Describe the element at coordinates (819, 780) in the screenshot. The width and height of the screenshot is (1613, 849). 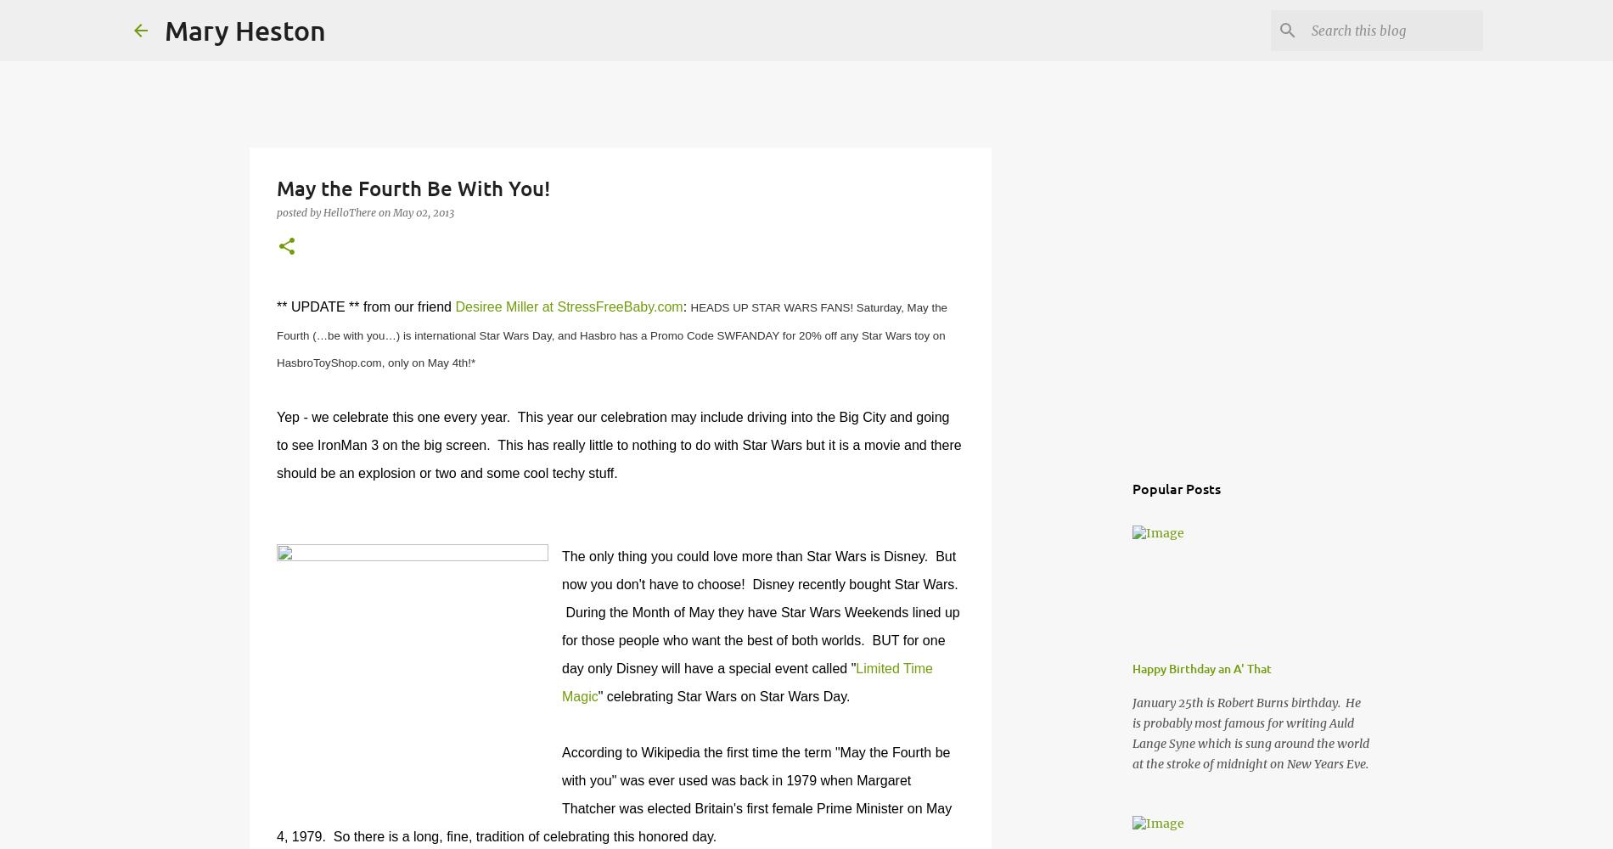
I see `'when'` at that location.